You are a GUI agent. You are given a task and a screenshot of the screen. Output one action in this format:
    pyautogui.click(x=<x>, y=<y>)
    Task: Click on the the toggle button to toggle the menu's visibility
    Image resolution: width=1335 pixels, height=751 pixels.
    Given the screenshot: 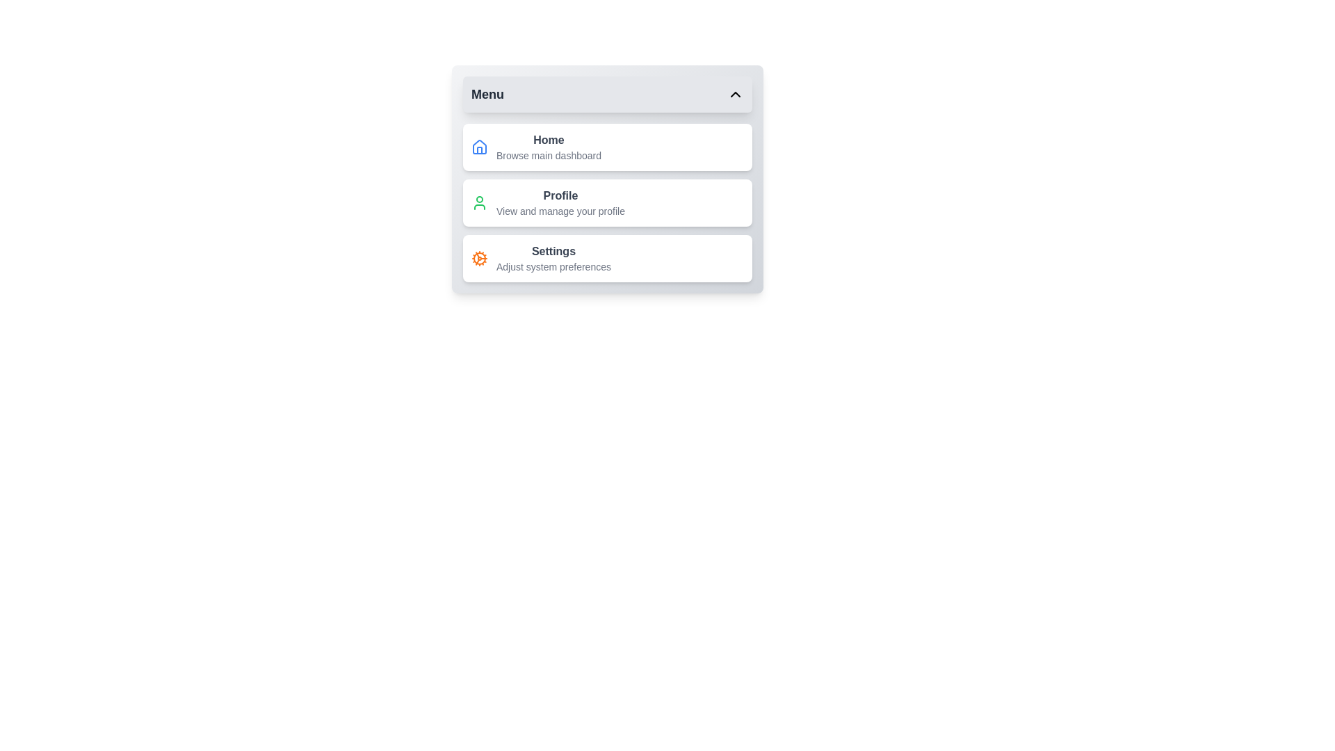 What is the action you would take?
    pyautogui.click(x=607, y=94)
    